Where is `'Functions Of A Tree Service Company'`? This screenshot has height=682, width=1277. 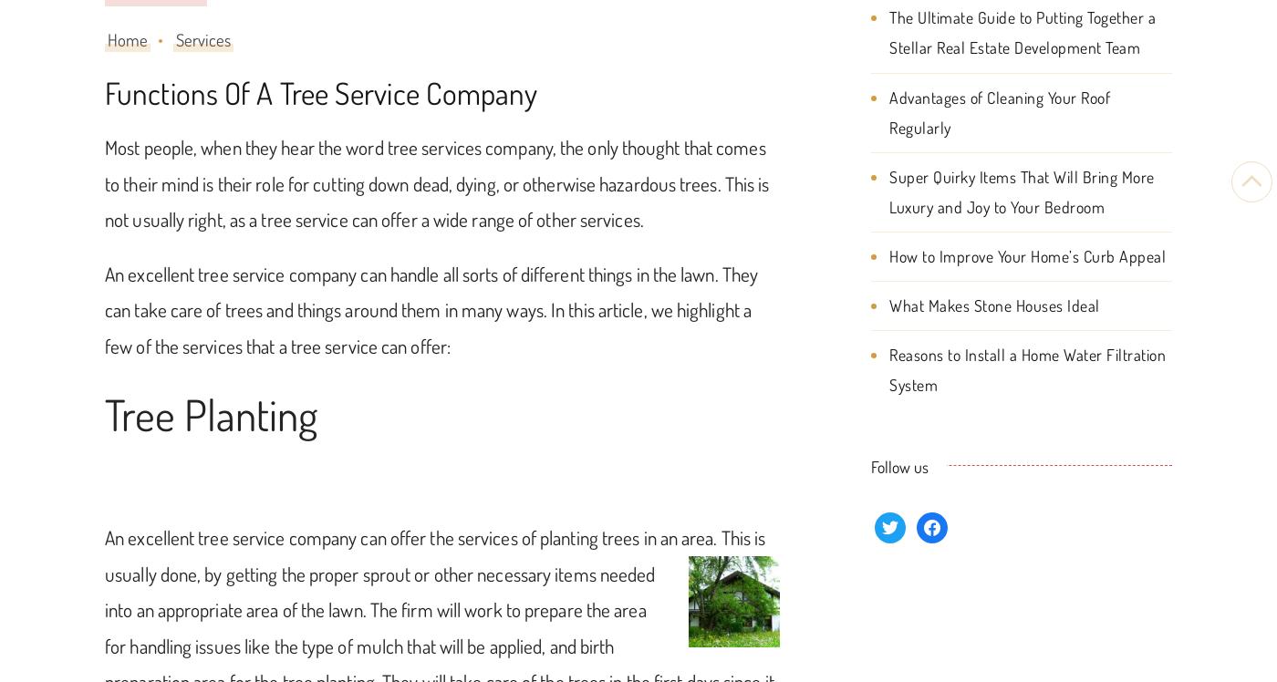
'Functions Of A Tree Service Company' is located at coordinates (320, 93).